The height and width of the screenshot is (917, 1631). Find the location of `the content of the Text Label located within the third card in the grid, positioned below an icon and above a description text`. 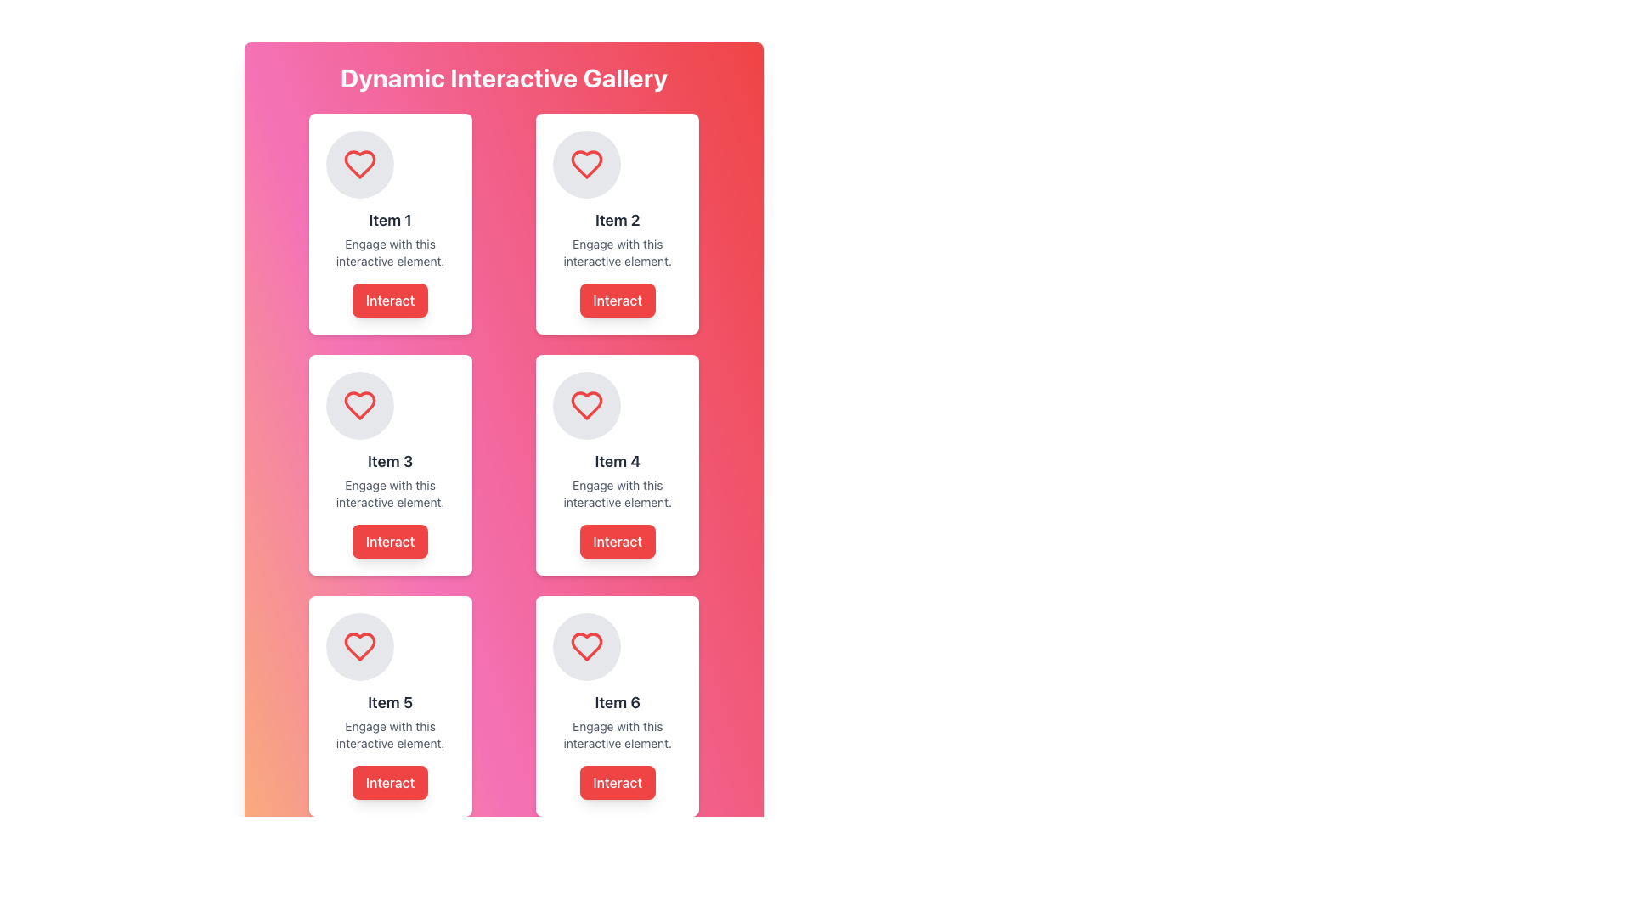

the content of the Text Label located within the third card in the grid, positioned below an icon and above a description text is located at coordinates (389, 461).